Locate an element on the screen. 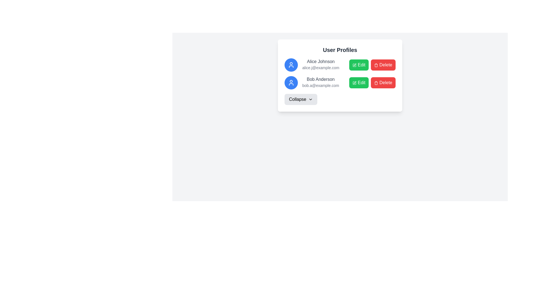 This screenshot has width=533, height=300. the delete icon in the 'Delete' button located to the right of Bob Anderson's user entry in the profile card is located at coordinates (376, 65).